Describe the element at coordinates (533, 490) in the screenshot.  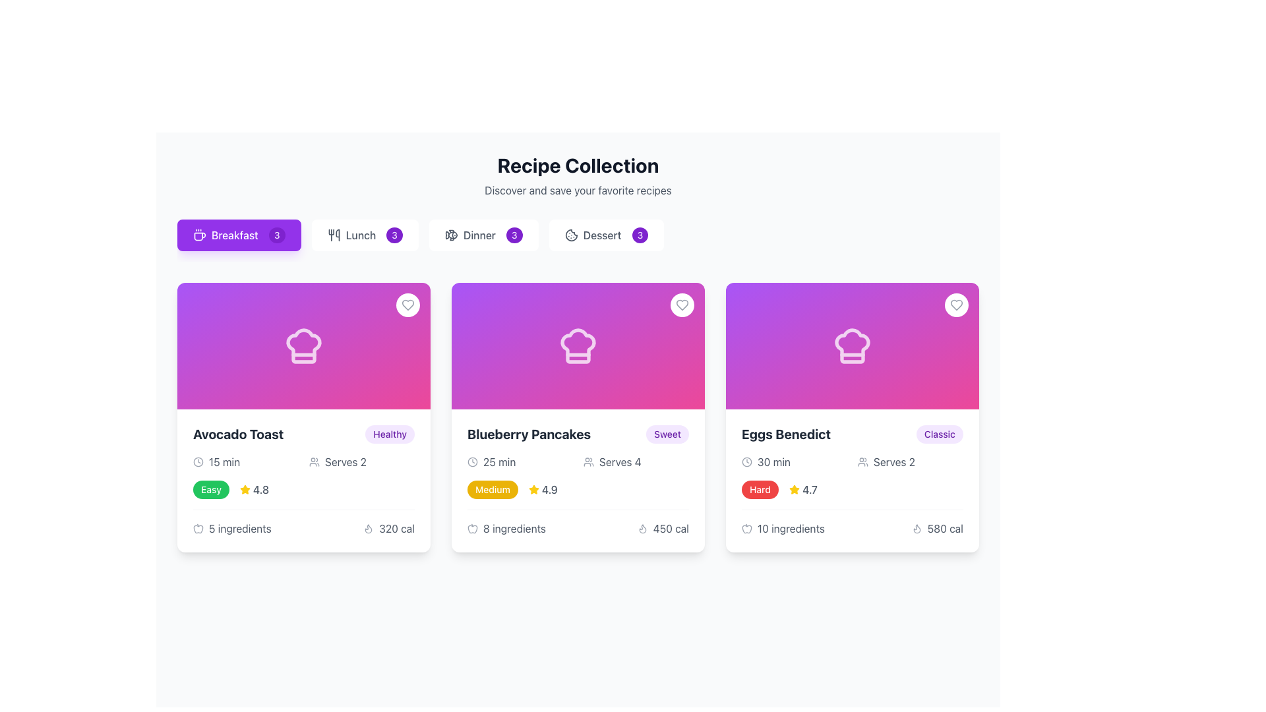
I see `the yellow star-shaped icon located next to the rating text '4.9' in the 'Blueberry Pancakes' card` at that location.